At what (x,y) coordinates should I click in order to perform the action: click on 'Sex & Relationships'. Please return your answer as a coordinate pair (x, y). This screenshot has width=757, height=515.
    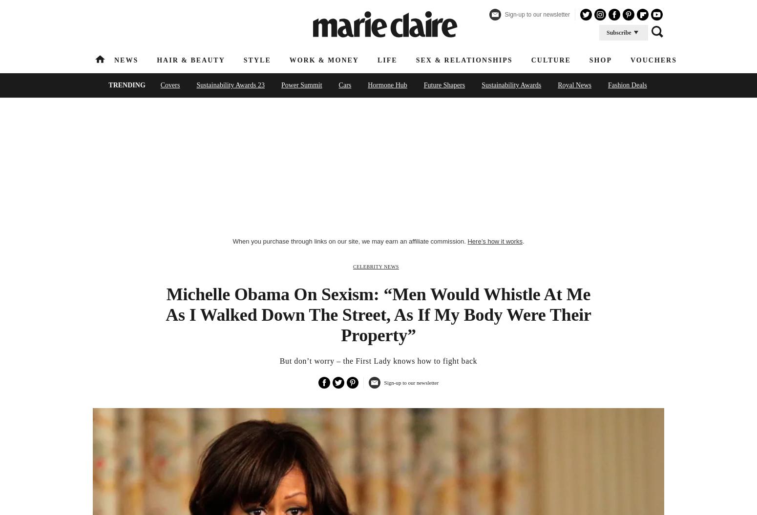
    Looking at the image, I should click on (463, 60).